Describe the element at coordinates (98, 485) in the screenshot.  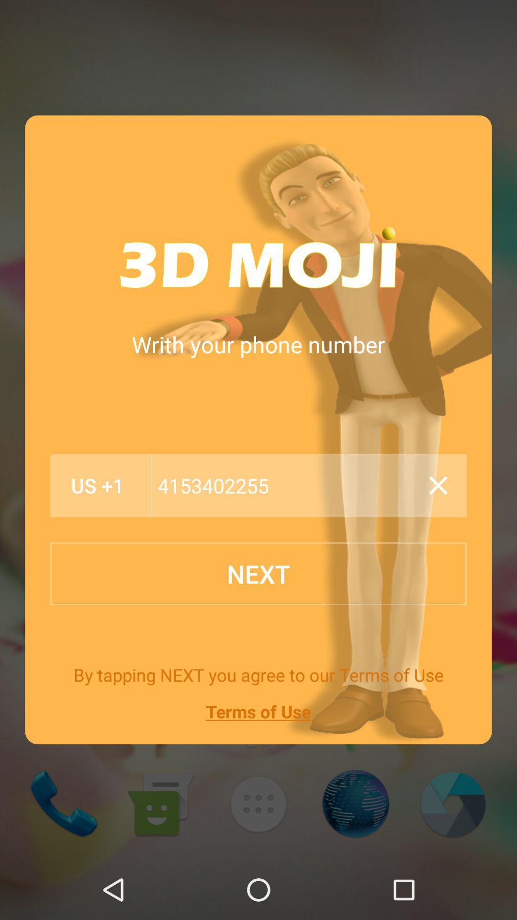
I see `the us +1 icon` at that location.